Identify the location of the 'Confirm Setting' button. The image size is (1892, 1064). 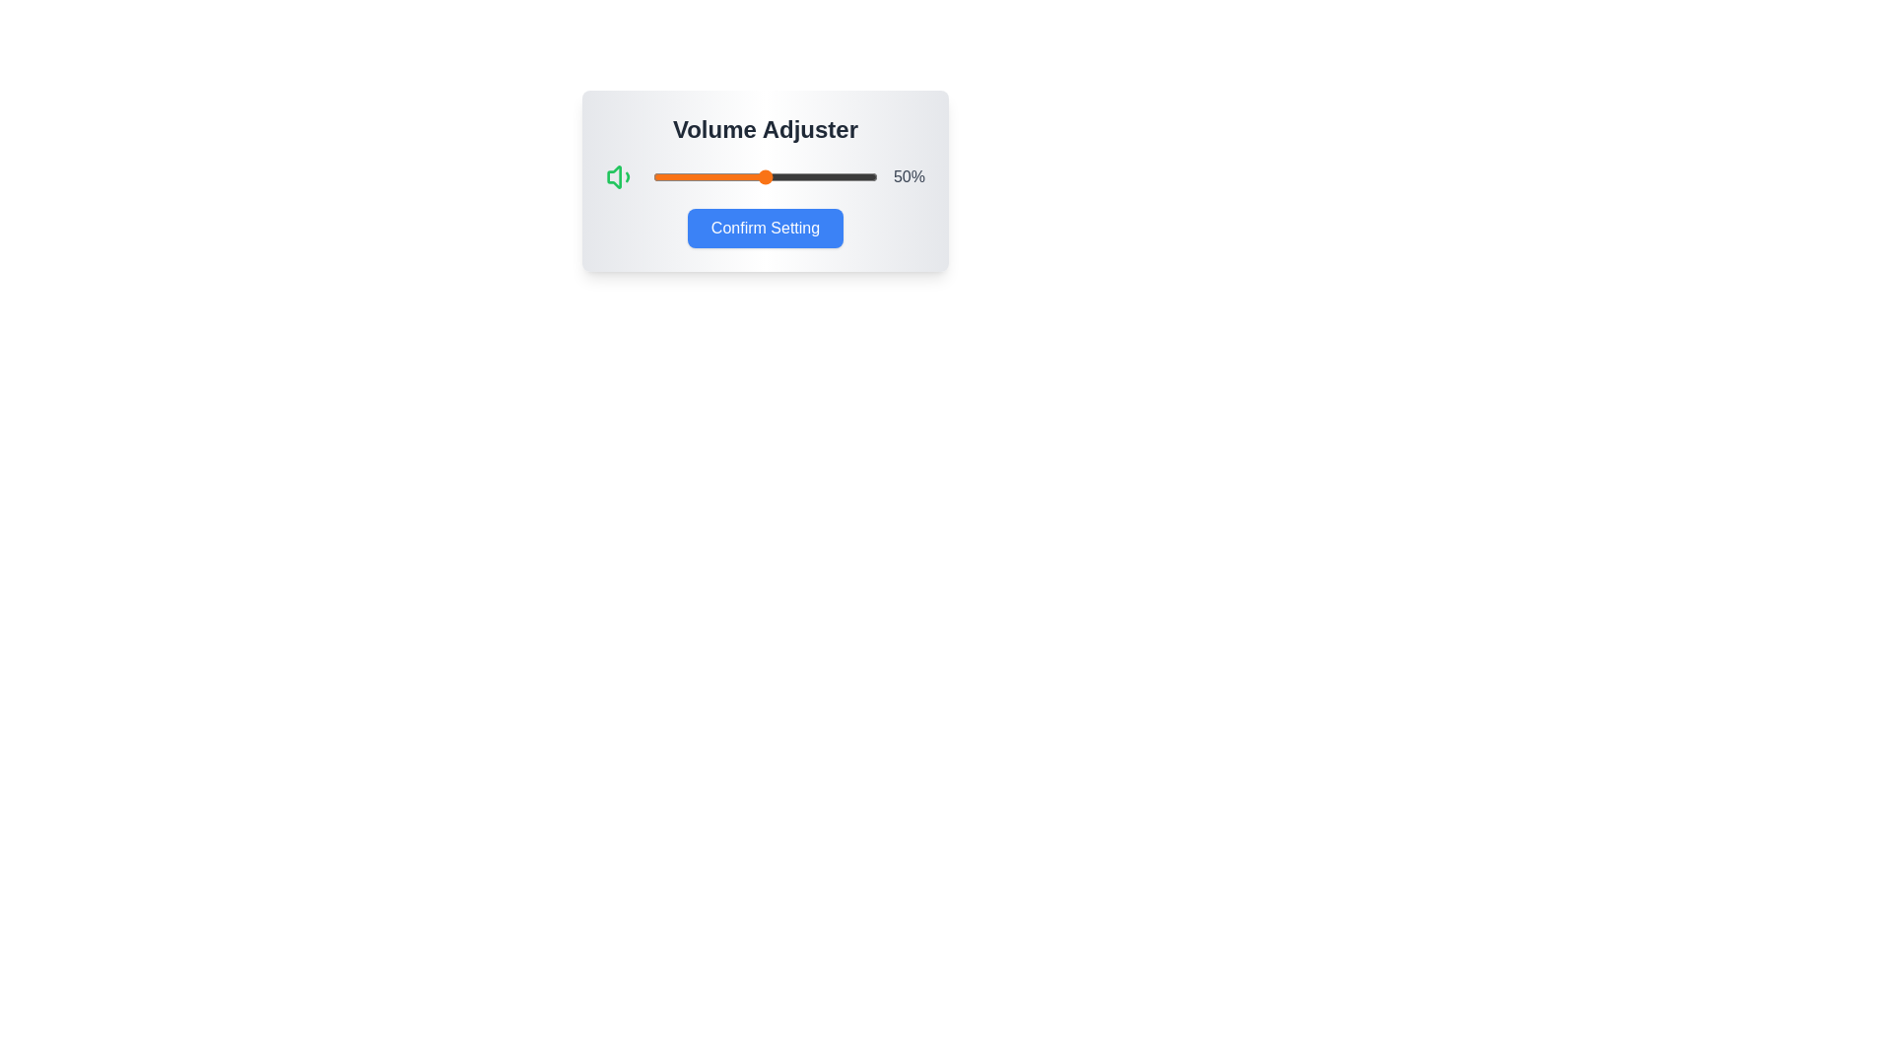
(765, 227).